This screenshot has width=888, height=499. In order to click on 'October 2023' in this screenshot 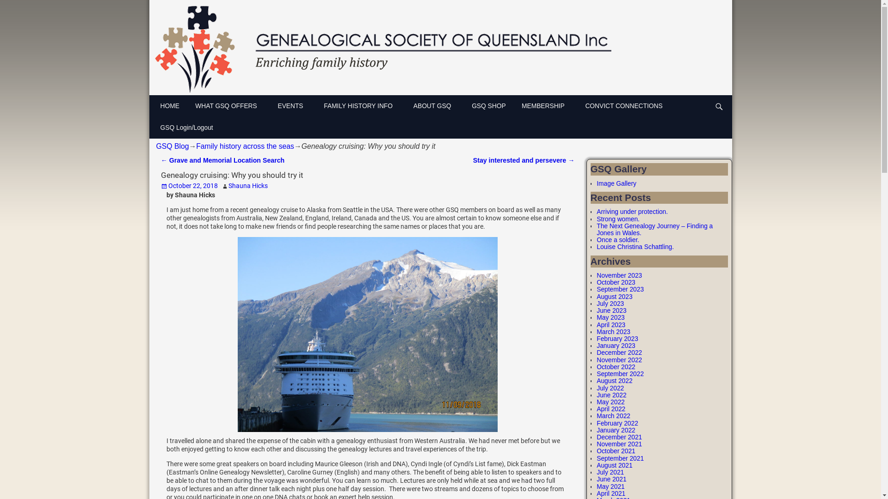, I will do `click(616, 282)`.